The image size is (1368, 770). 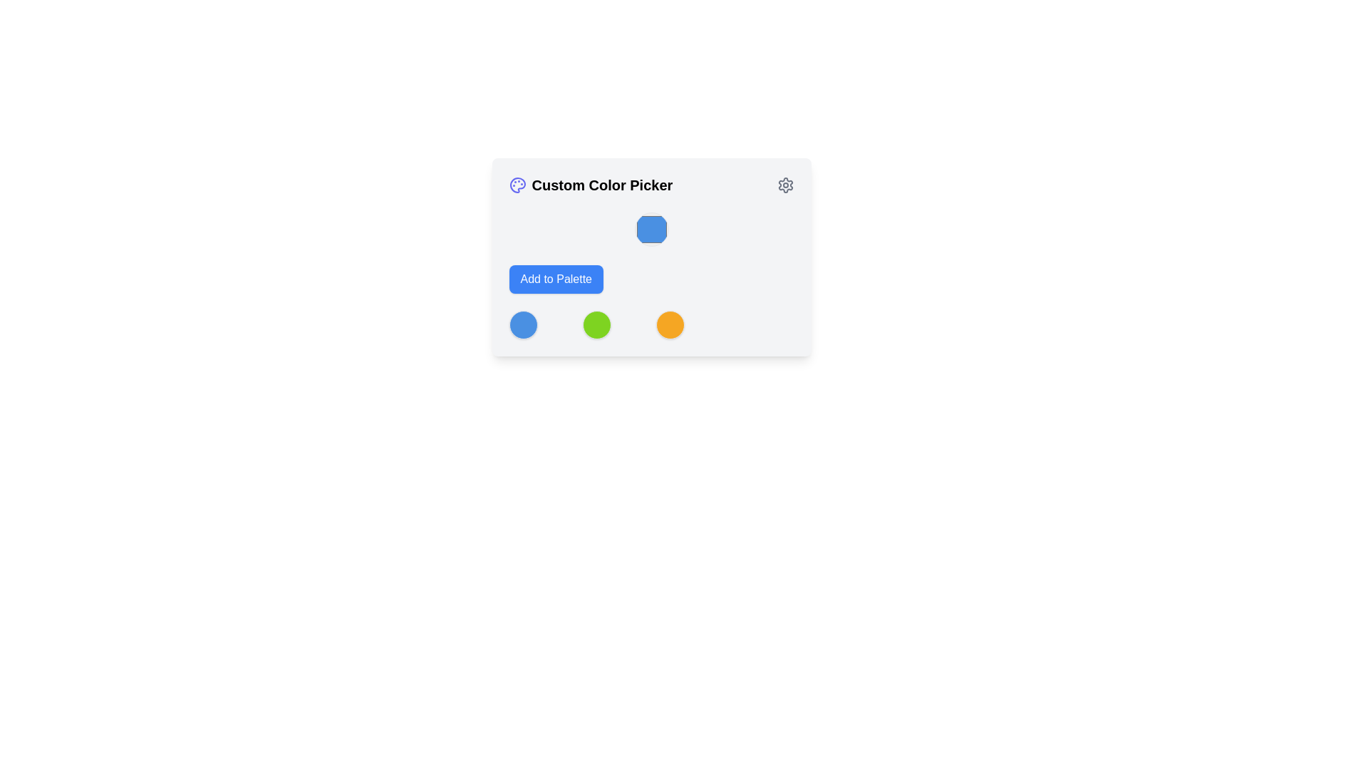 What do you see at coordinates (651, 184) in the screenshot?
I see `the title text of the custom color picker card, which is positioned at the topmost part of the card with icons on both sides` at bounding box center [651, 184].